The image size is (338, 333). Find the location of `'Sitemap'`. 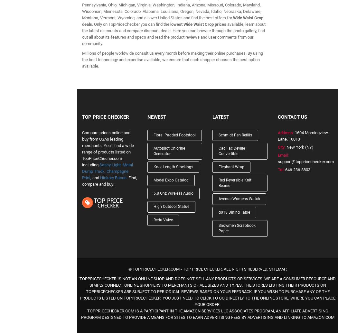

'Sitemap' is located at coordinates (277, 269).